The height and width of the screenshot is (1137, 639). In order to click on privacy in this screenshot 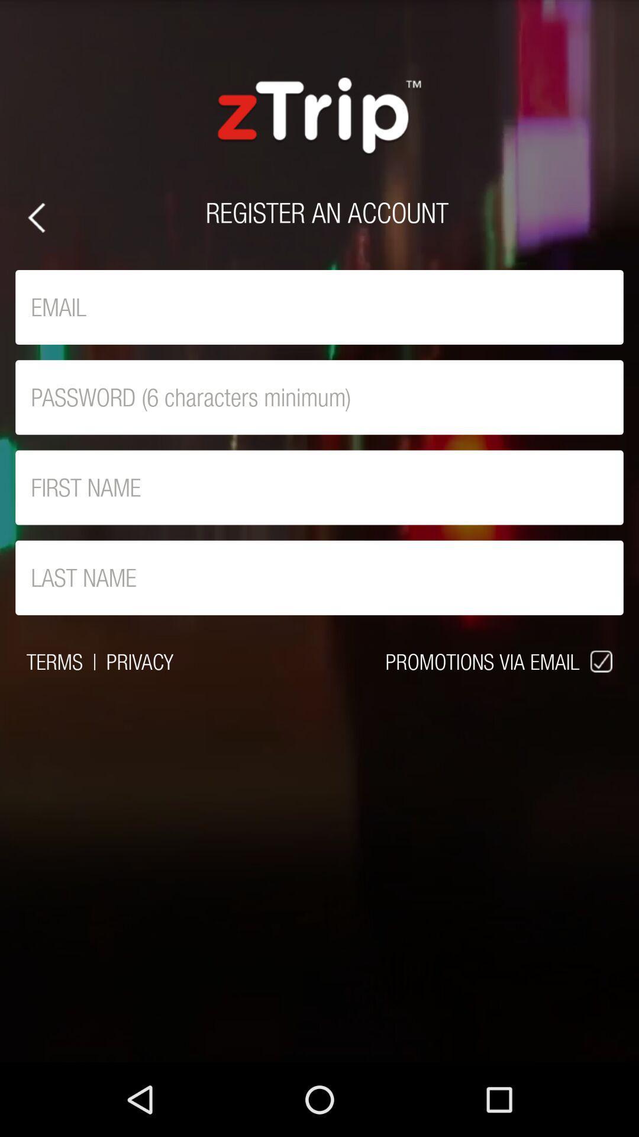, I will do `click(139, 661)`.